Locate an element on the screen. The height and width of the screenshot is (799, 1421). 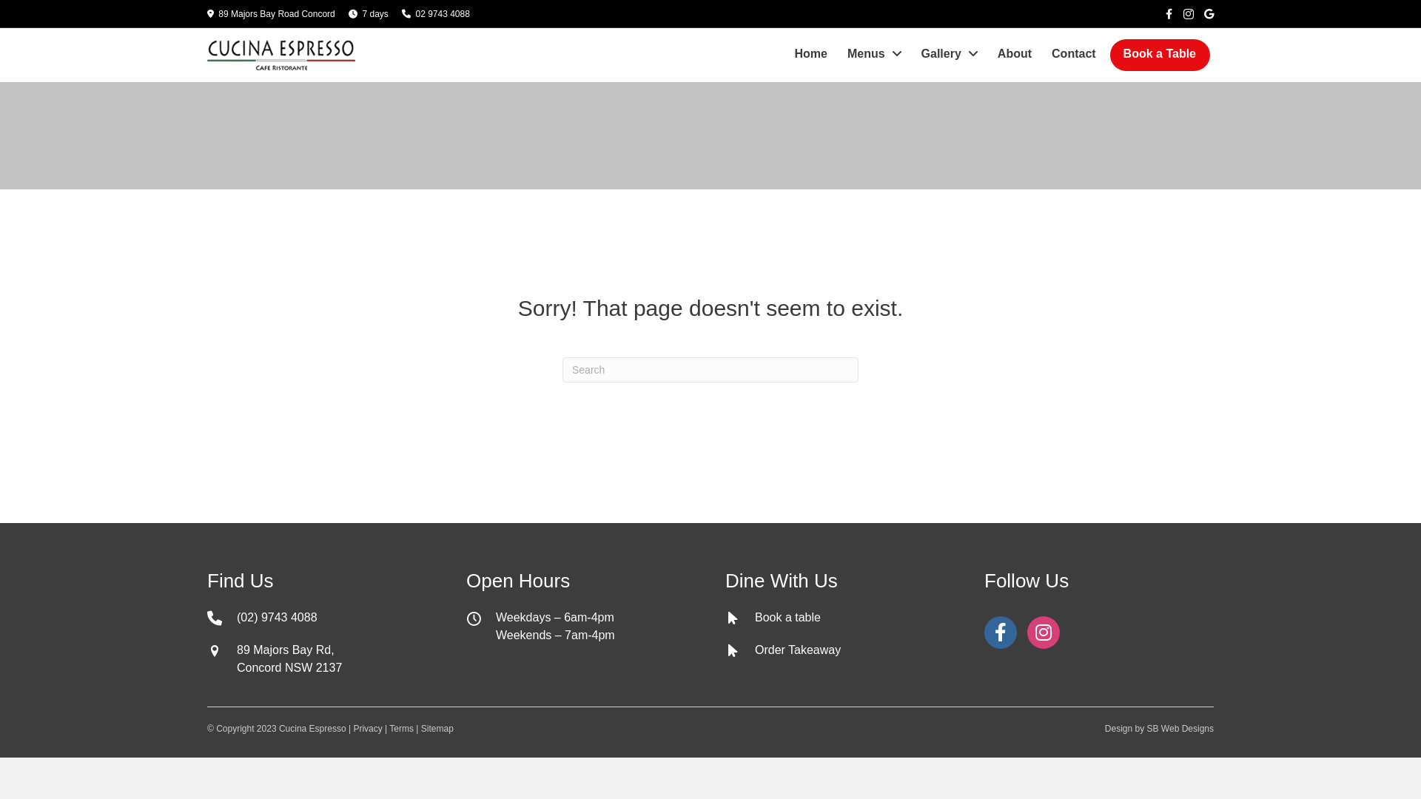
'Gallery' is located at coordinates (950, 53).